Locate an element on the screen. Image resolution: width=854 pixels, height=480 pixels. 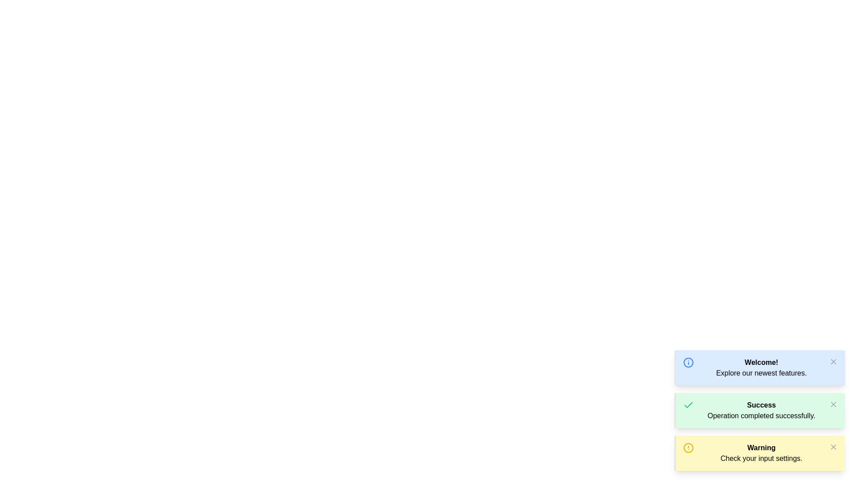
the close button ('X') located at the far right of the 'Warning: Check your input settings' notification card is located at coordinates (833, 447).